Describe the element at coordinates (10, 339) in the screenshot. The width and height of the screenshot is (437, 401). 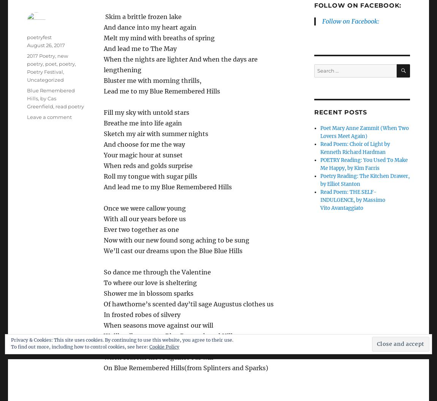
I see `'Privacy & Cookies: This site uses cookies. By continuing to use this website, you agree to their use.'` at that location.